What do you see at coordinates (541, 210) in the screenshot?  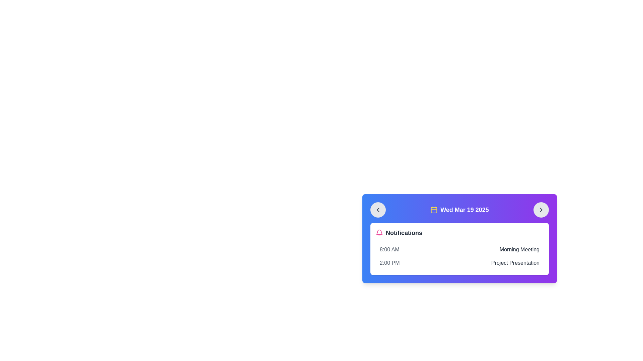 I see `the rightward navigational icon located in the top-right corner of the widget with a purple gradient header` at bounding box center [541, 210].